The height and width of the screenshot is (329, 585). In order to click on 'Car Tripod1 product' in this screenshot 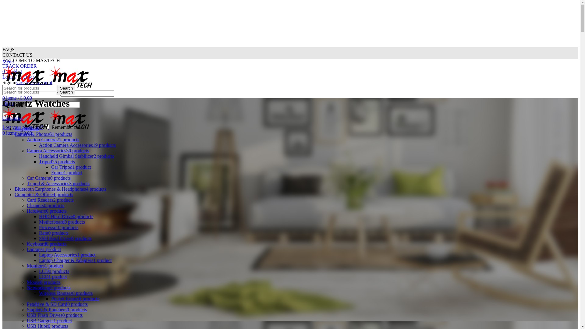, I will do `click(71, 167)`.